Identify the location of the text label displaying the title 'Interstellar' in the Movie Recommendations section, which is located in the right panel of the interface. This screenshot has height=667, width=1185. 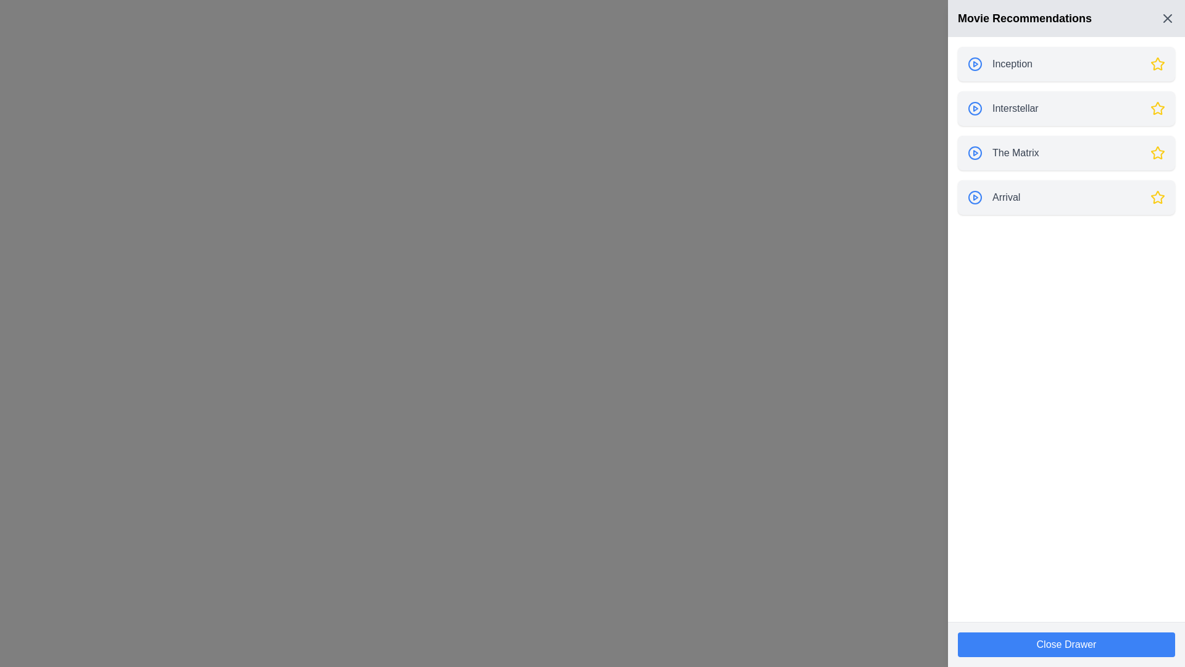
(1015, 108).